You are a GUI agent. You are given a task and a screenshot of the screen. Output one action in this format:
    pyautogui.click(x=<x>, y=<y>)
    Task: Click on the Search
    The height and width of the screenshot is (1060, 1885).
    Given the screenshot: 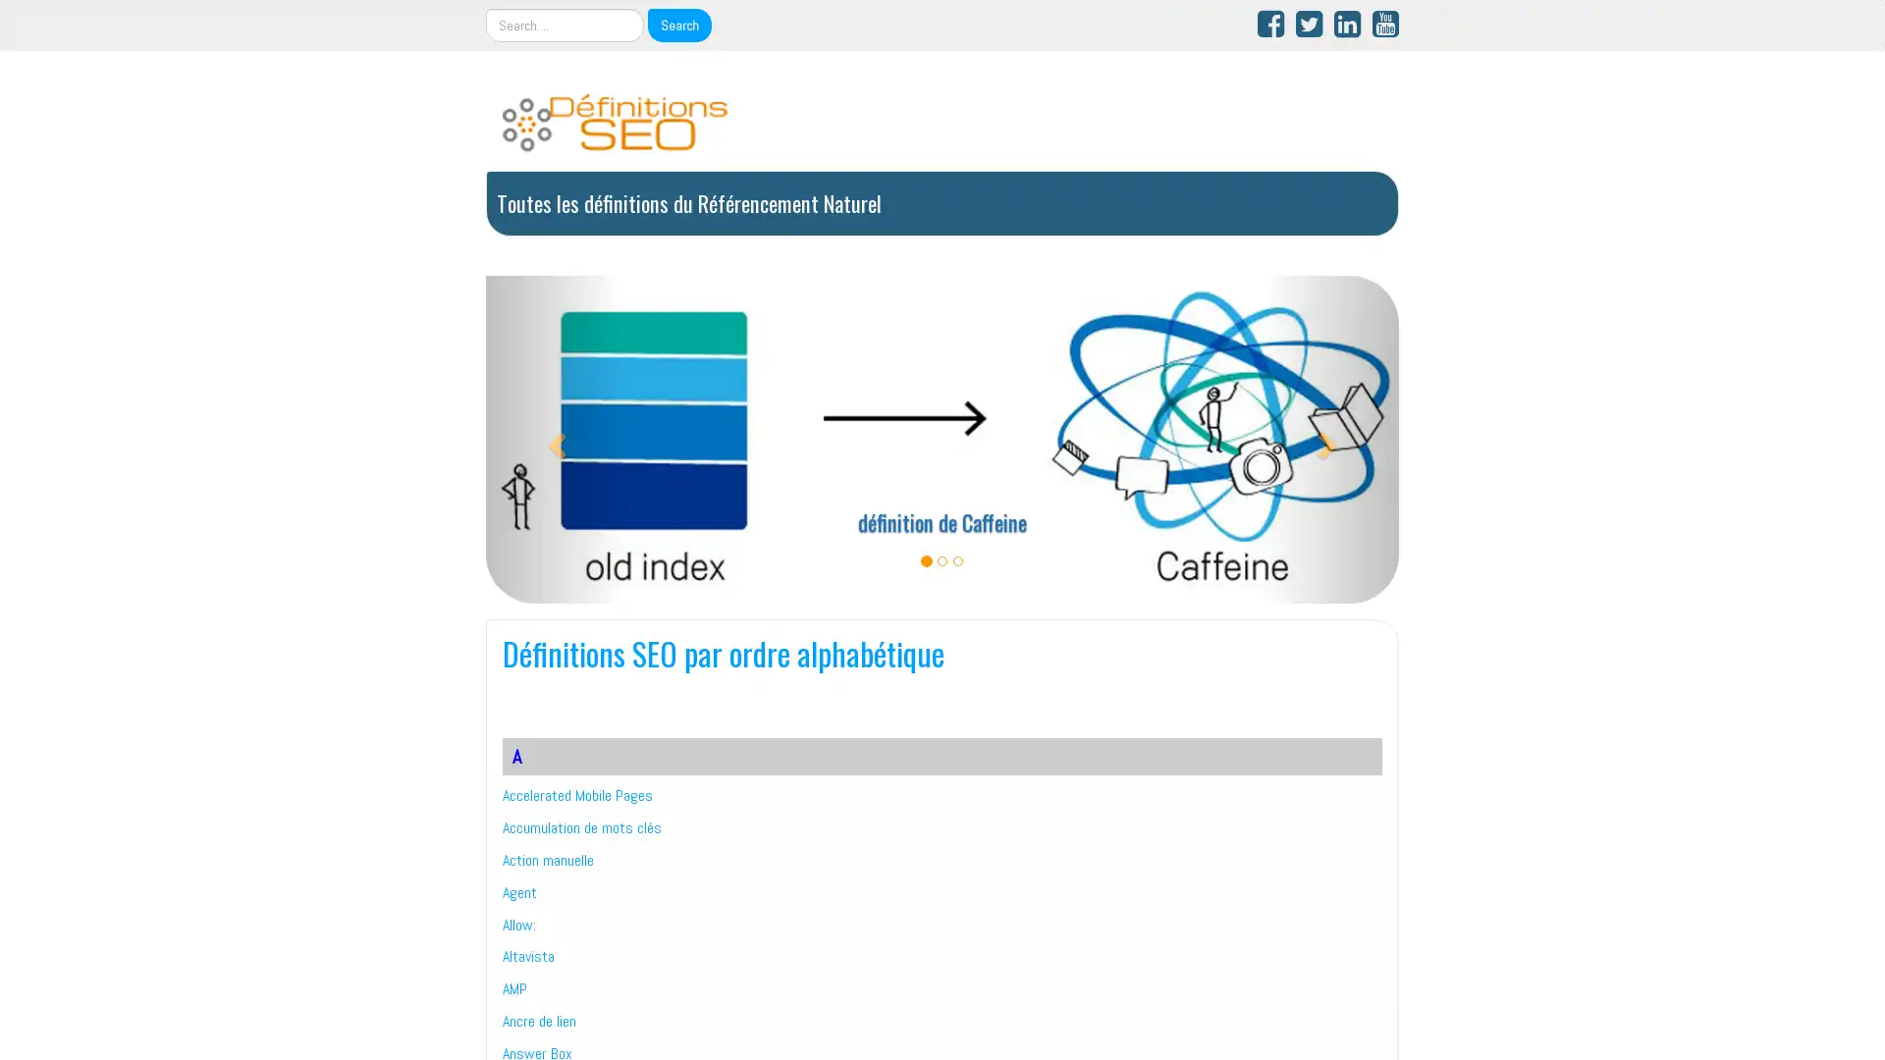 What is the action you would take?
    pyautogui.click(x=679, y=26)
    